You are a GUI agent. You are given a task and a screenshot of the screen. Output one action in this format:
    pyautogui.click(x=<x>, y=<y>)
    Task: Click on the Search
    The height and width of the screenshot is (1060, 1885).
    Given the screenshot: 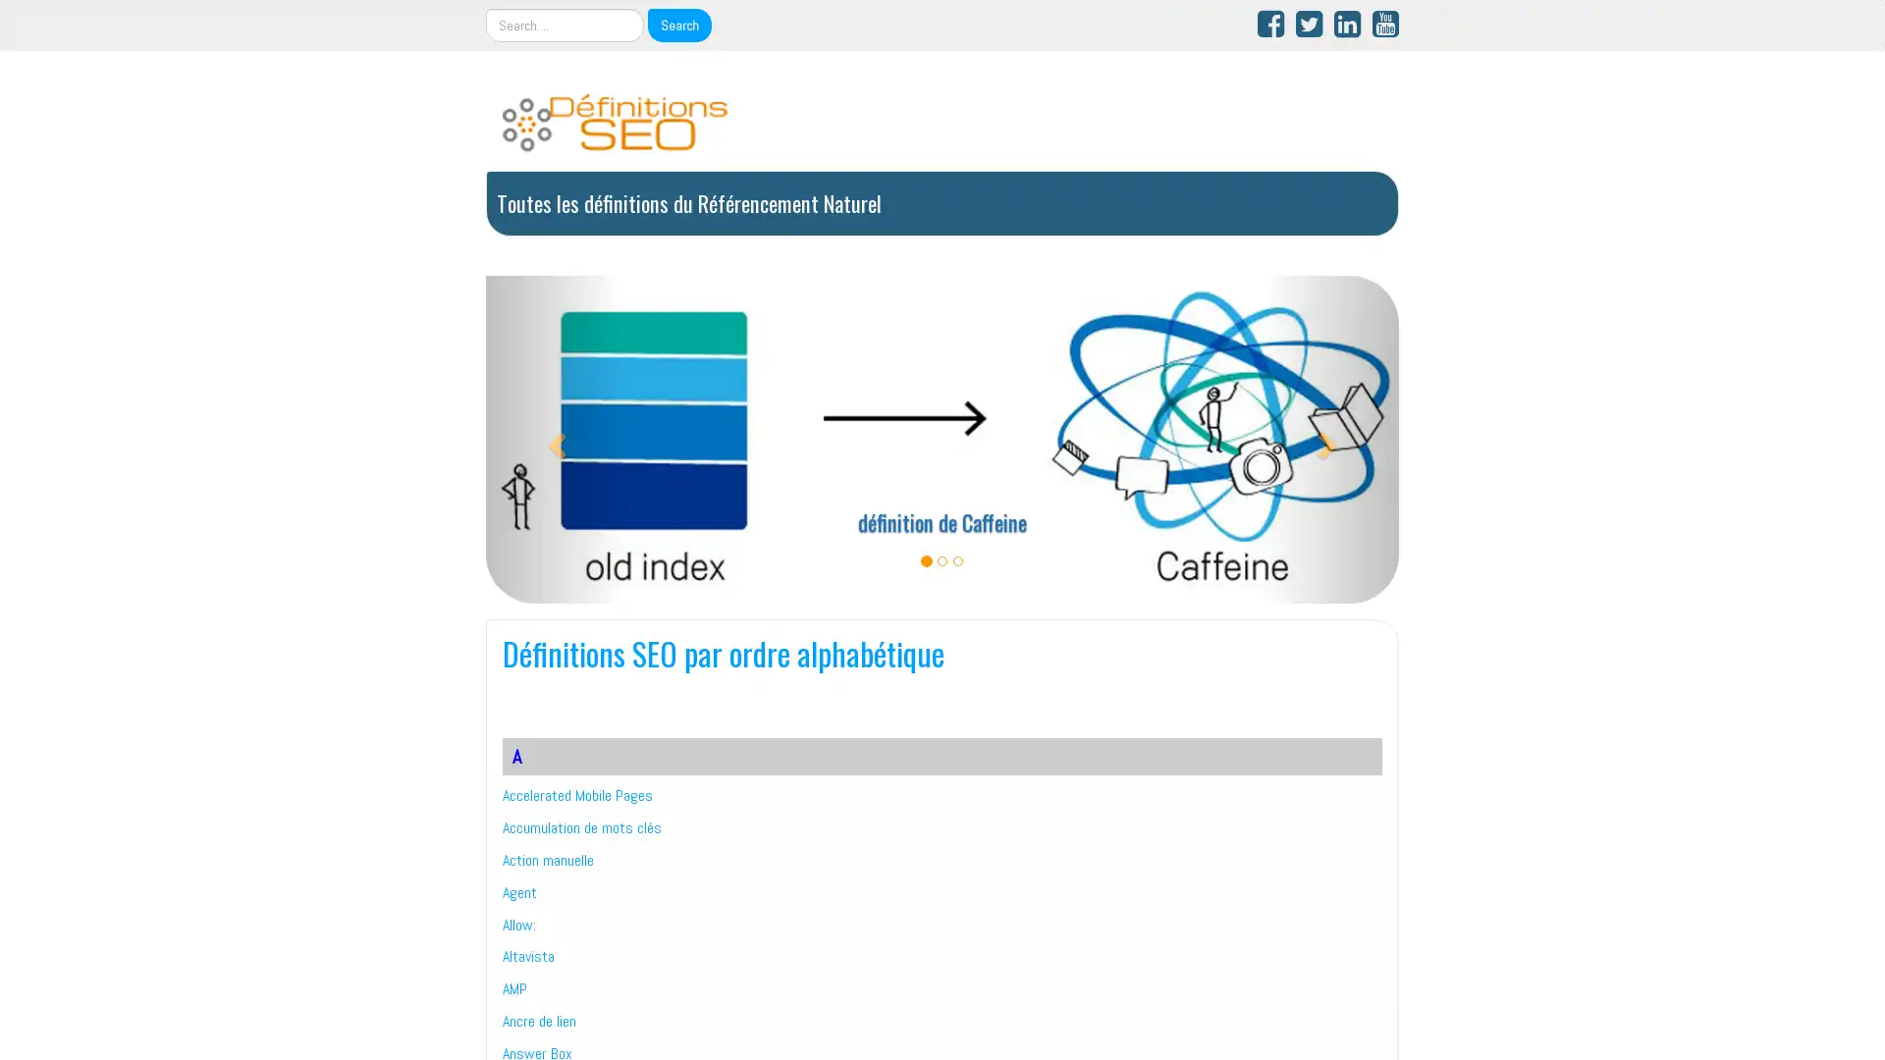 What is the action you would take?
    pyautogui.click(x=679, y=26)
    